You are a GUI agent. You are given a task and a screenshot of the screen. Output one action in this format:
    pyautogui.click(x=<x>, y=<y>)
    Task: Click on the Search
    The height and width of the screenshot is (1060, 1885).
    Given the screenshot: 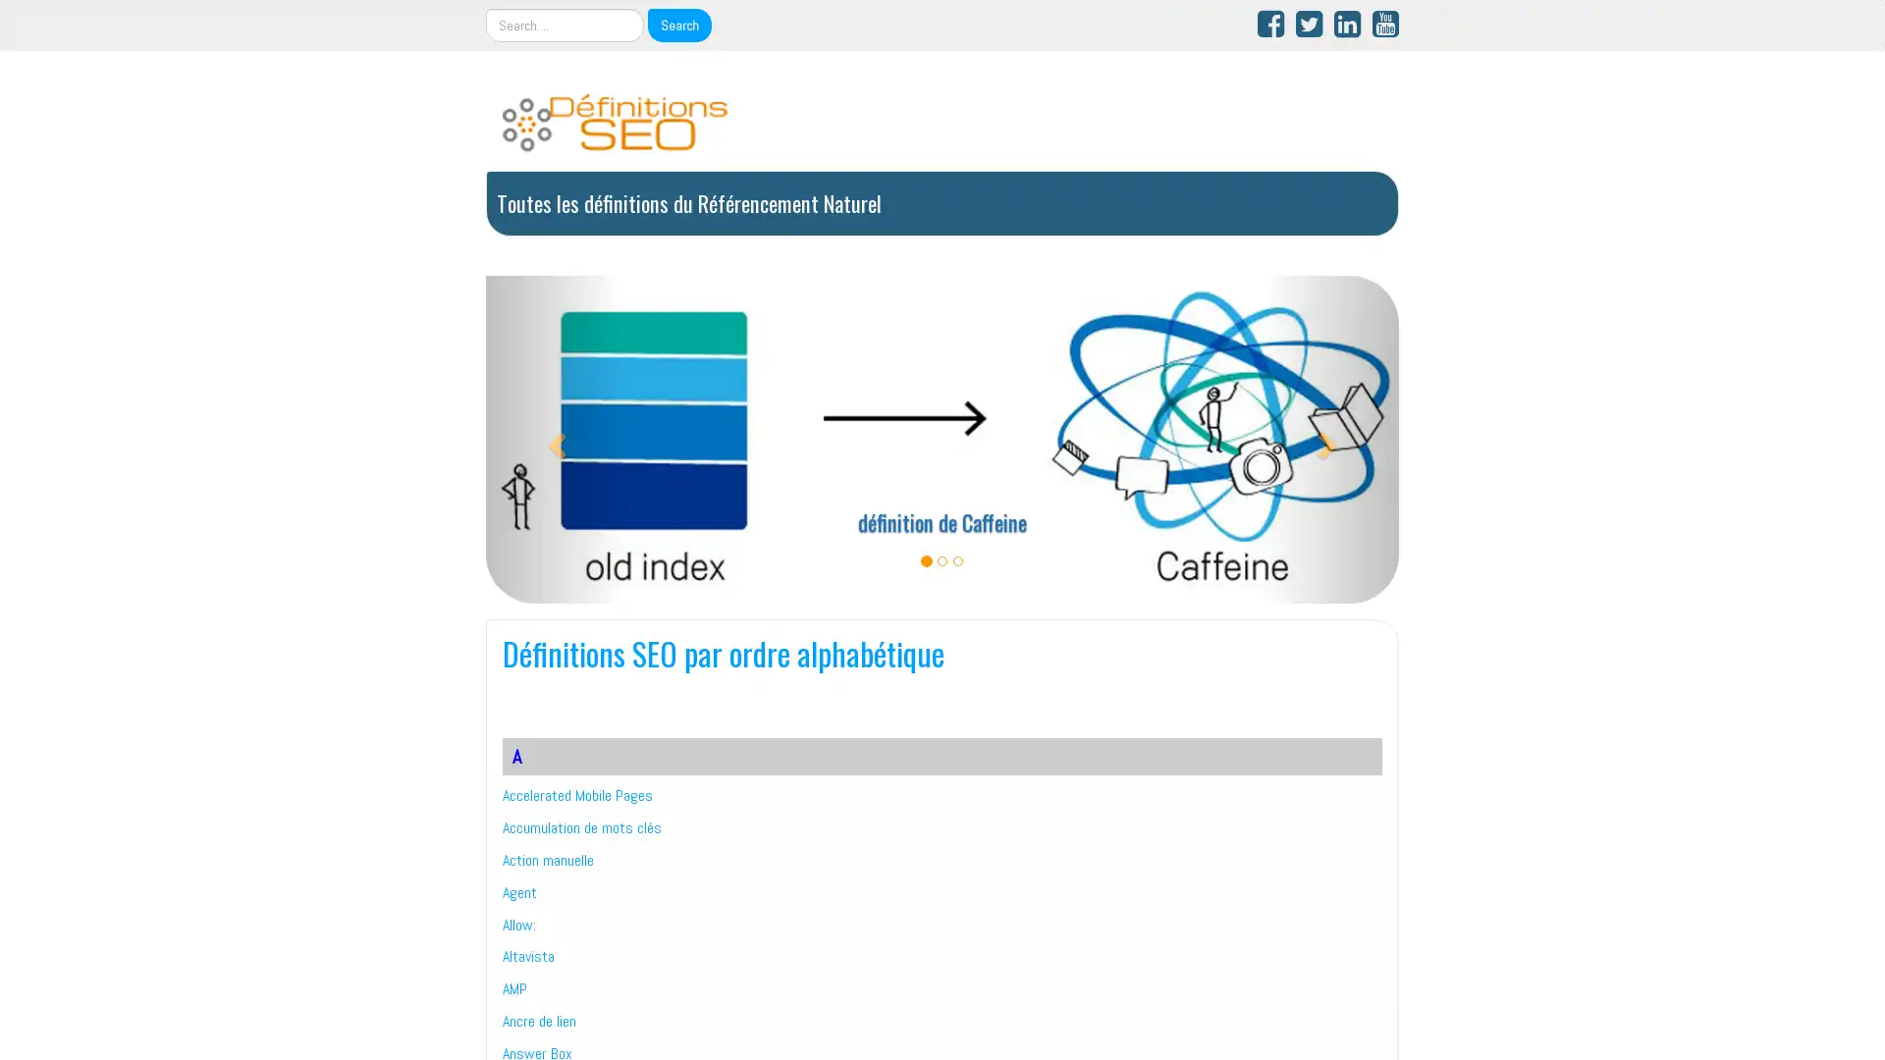 What is the action you would take?
    pyautogui.click(x=679, y=26)
    